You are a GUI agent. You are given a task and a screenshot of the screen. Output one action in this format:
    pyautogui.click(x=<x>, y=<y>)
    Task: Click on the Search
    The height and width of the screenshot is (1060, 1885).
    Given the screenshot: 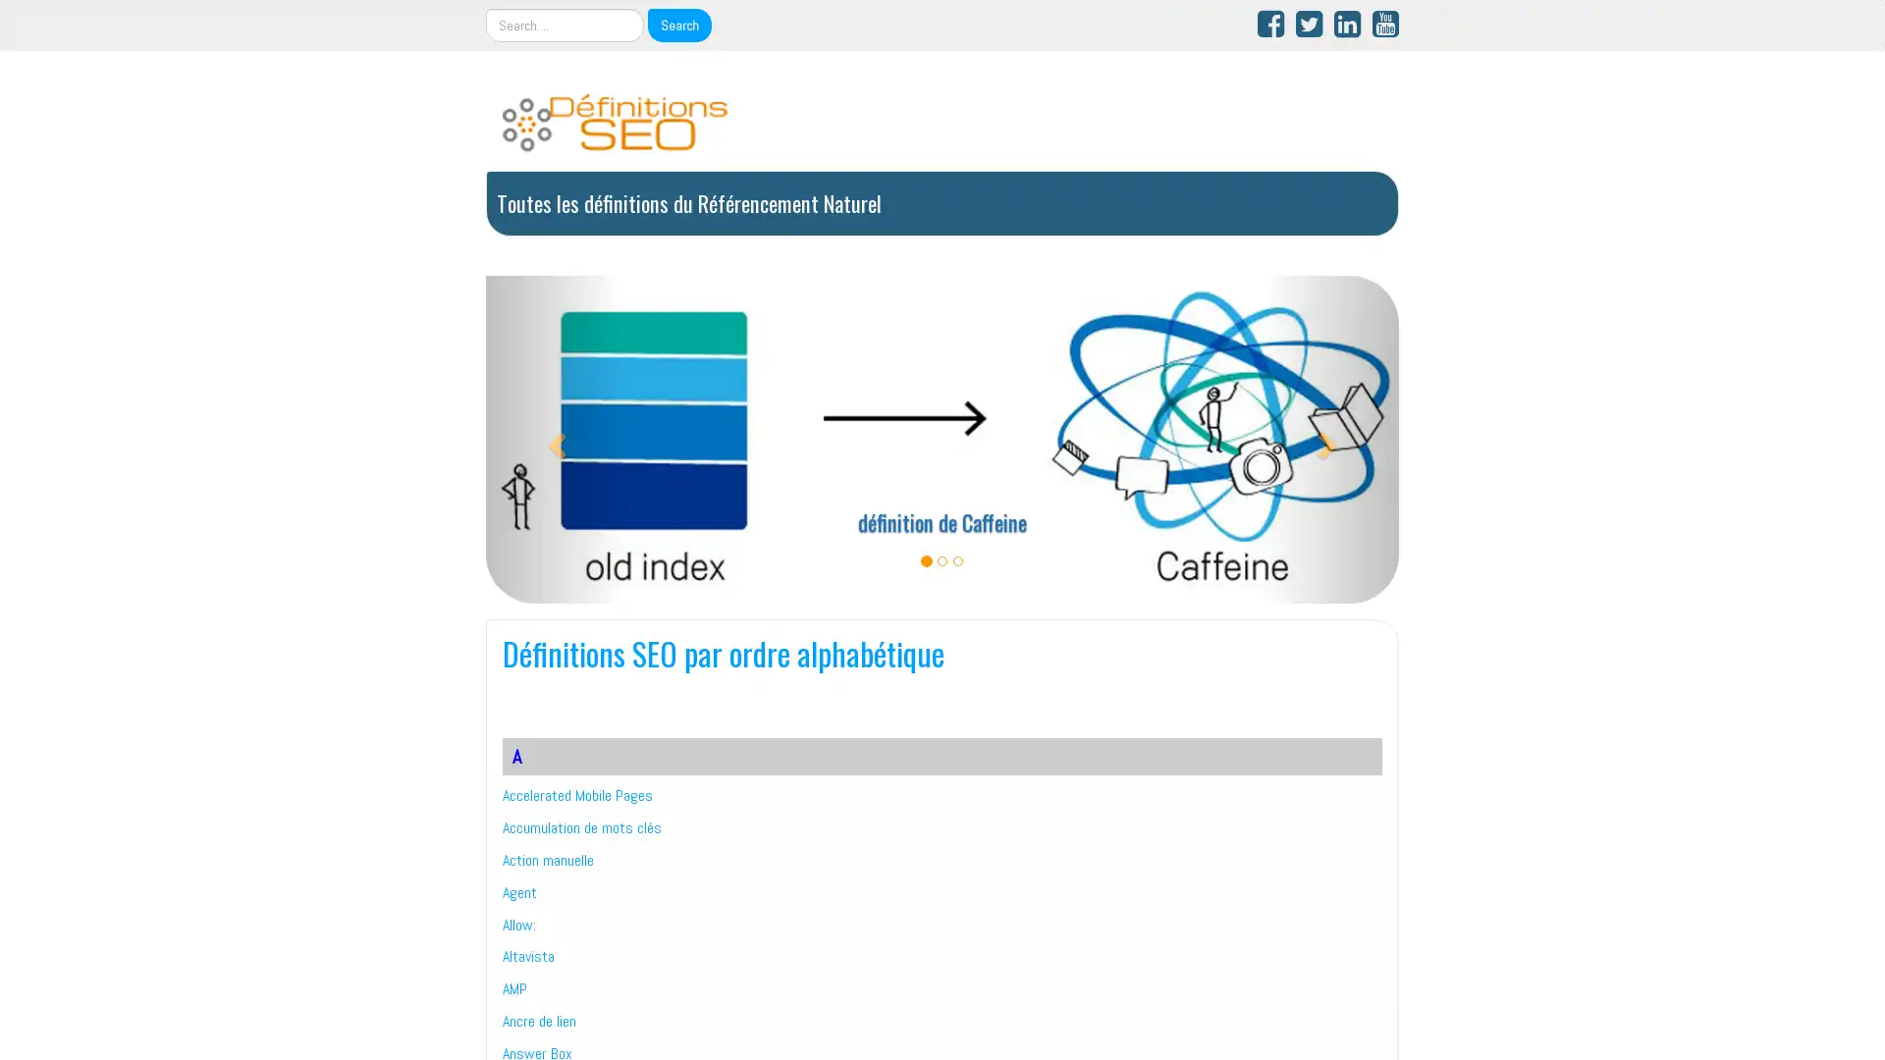 What is the action you would take?
    pyautogui.click(x=679, y=26)
    